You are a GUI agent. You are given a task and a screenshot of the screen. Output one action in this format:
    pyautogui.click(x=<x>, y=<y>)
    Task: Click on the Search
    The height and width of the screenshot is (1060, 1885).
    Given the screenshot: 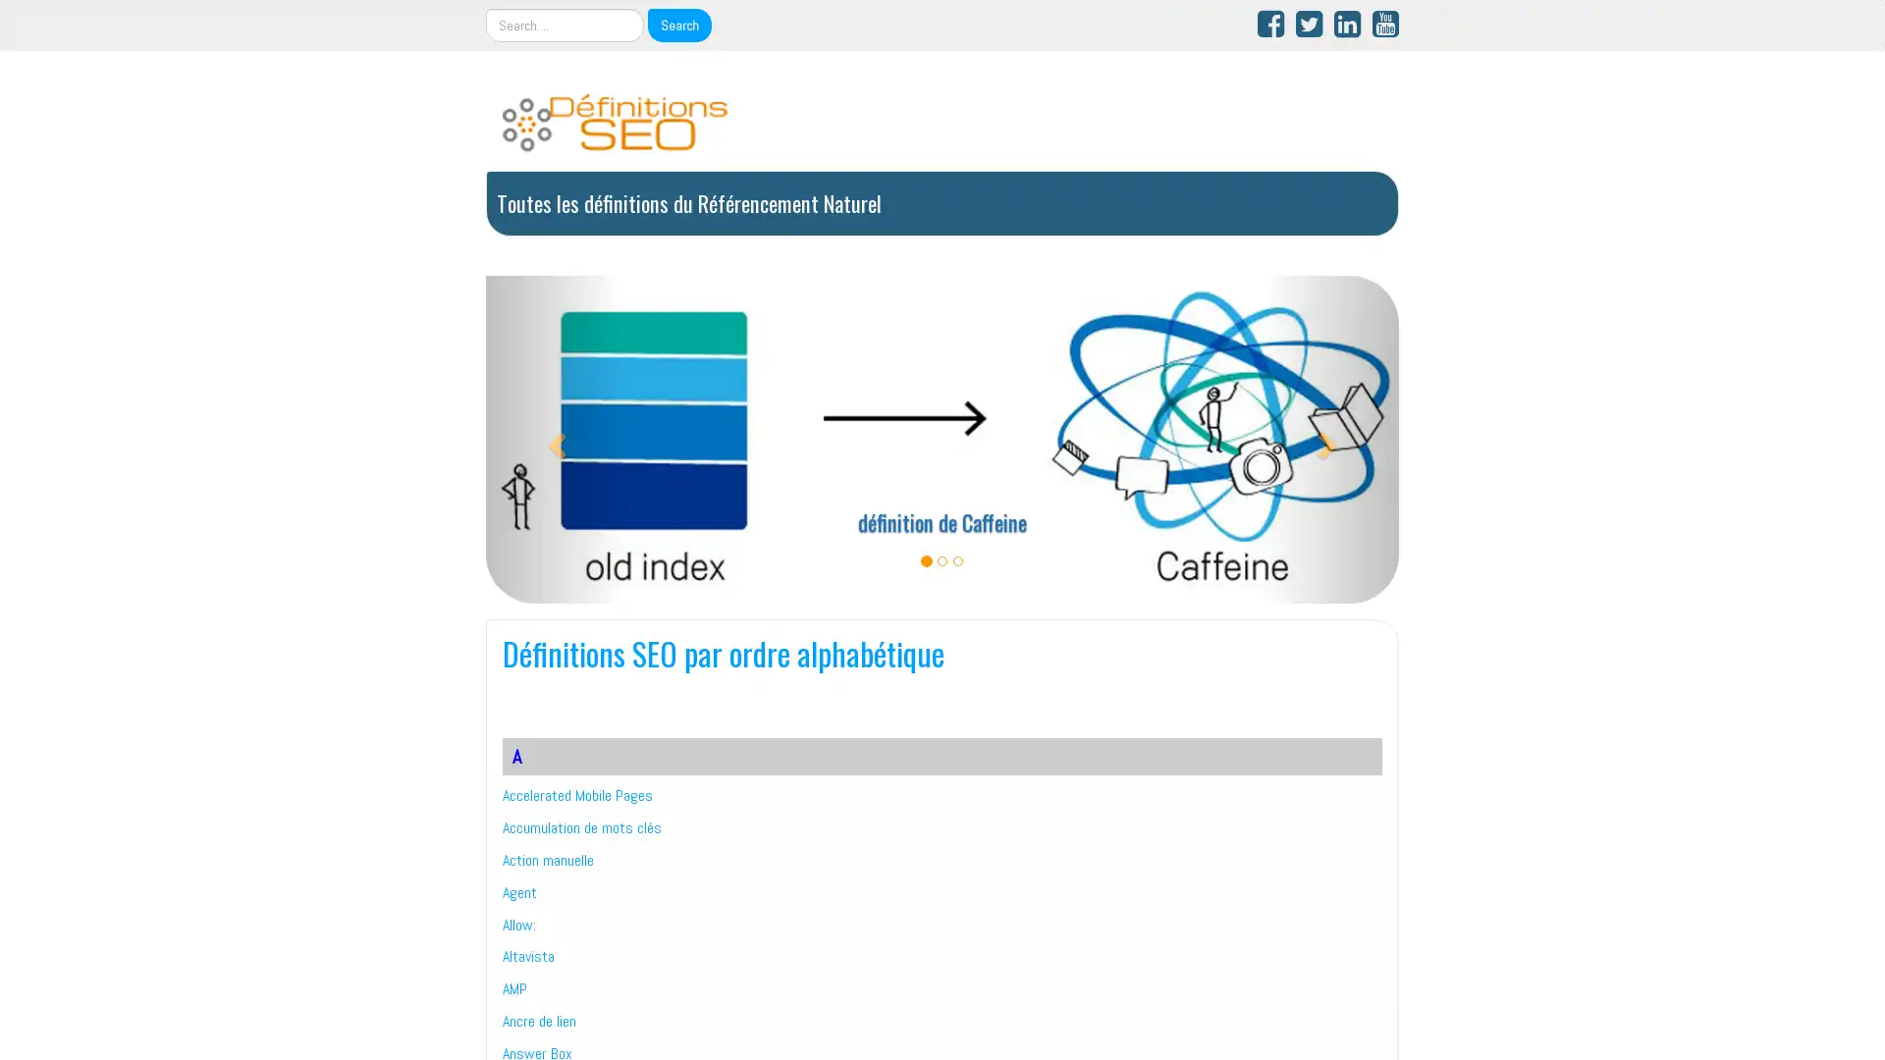 What is the action you would take?
    pyautogui.click(x=679, y=26)
    